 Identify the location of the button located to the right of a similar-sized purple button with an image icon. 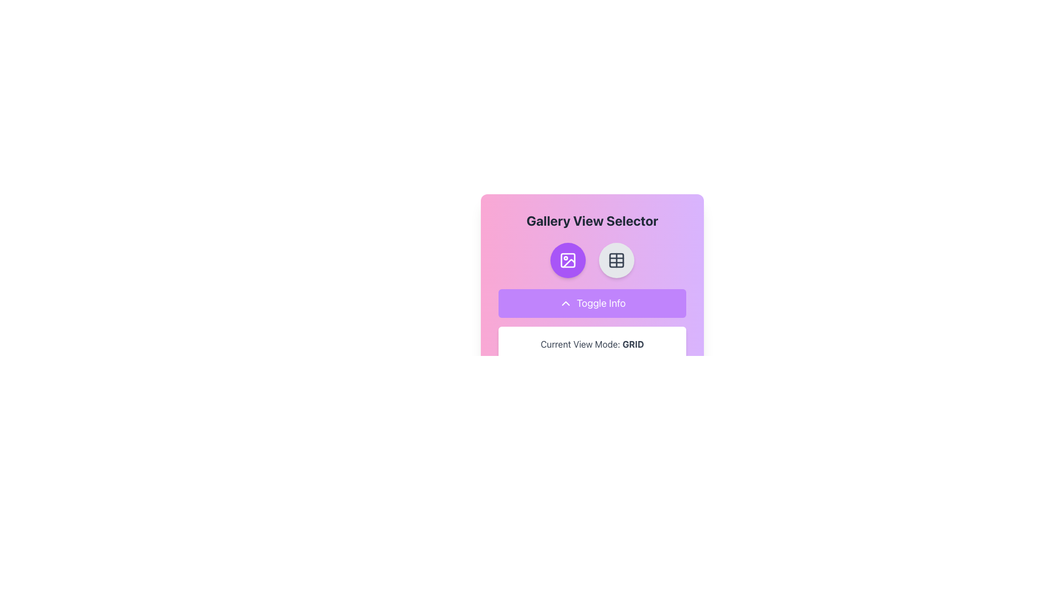
(616, 260).